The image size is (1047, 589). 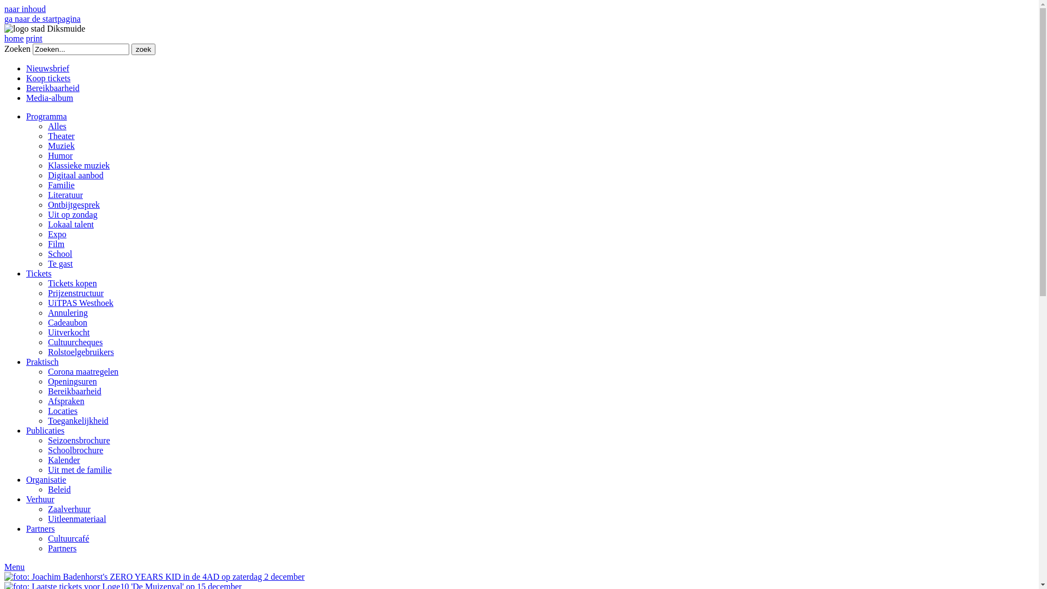 I want to click on 'Kalender', so click(x=63, y=460).